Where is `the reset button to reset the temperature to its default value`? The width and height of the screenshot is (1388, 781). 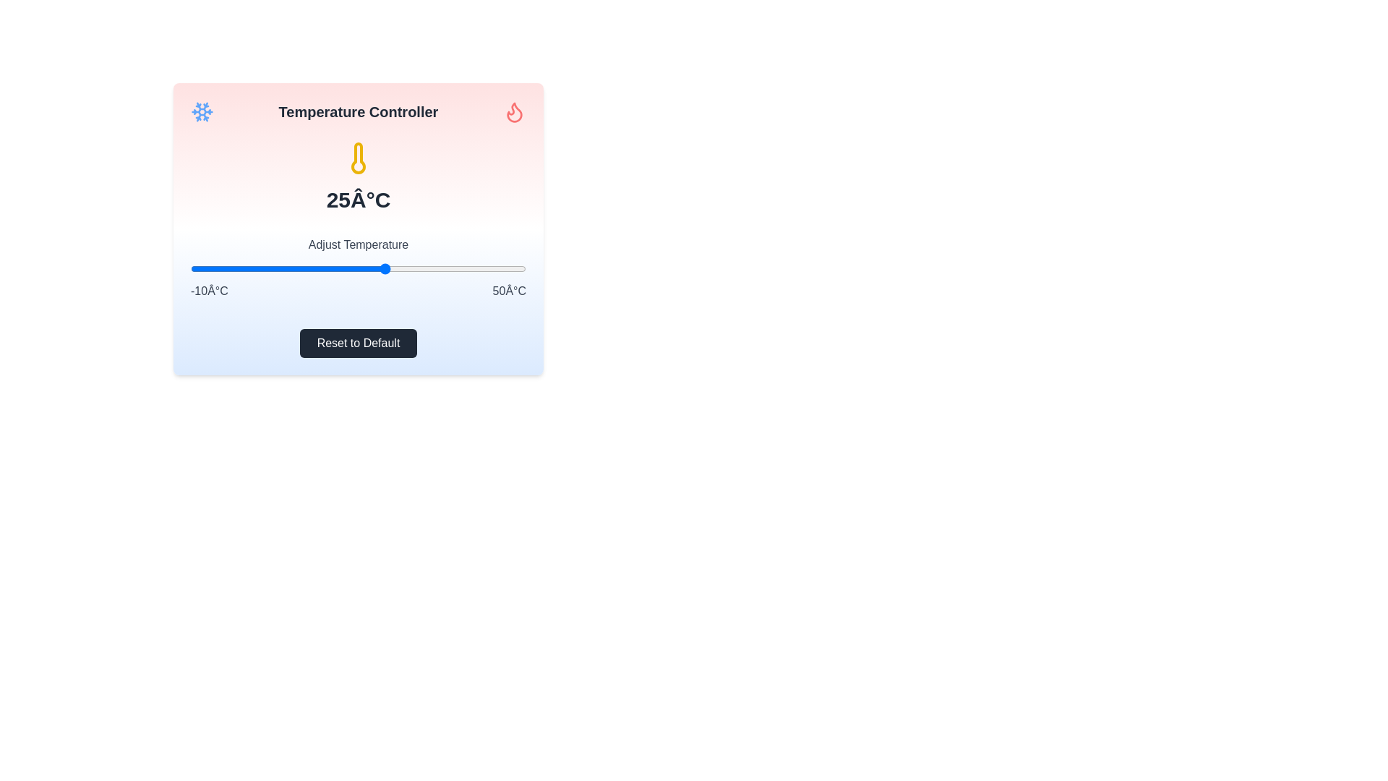 the reset button to reset the temperature to its default value is located at coordinates (358, 343).